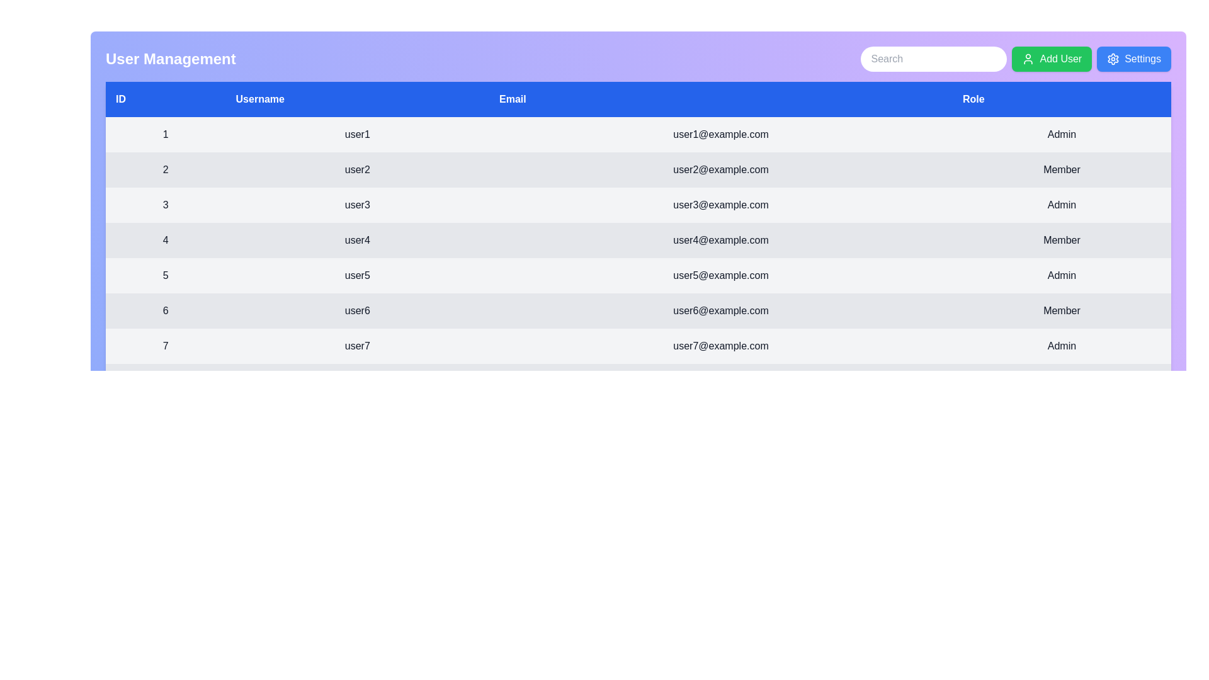  What do you see at coordinates (638, 240) in the screenshot?
I see `the row corresponding to 4` at bounding box center [638, 240].